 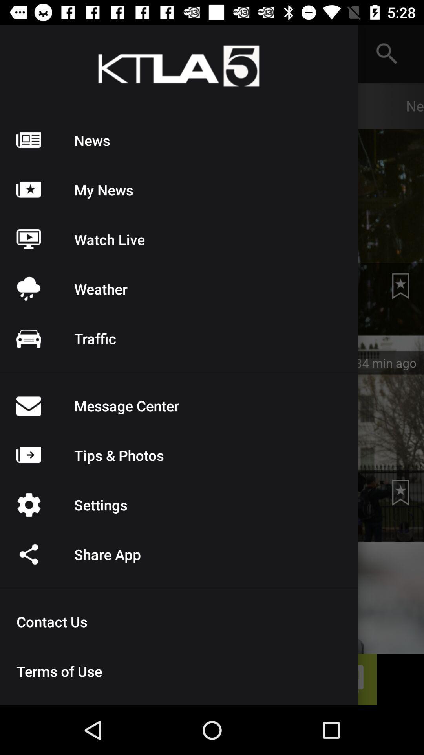 What do you see at coordinates (386, 53) in the screenshot?
I see `the search icon` at bounding box center [386, 53].